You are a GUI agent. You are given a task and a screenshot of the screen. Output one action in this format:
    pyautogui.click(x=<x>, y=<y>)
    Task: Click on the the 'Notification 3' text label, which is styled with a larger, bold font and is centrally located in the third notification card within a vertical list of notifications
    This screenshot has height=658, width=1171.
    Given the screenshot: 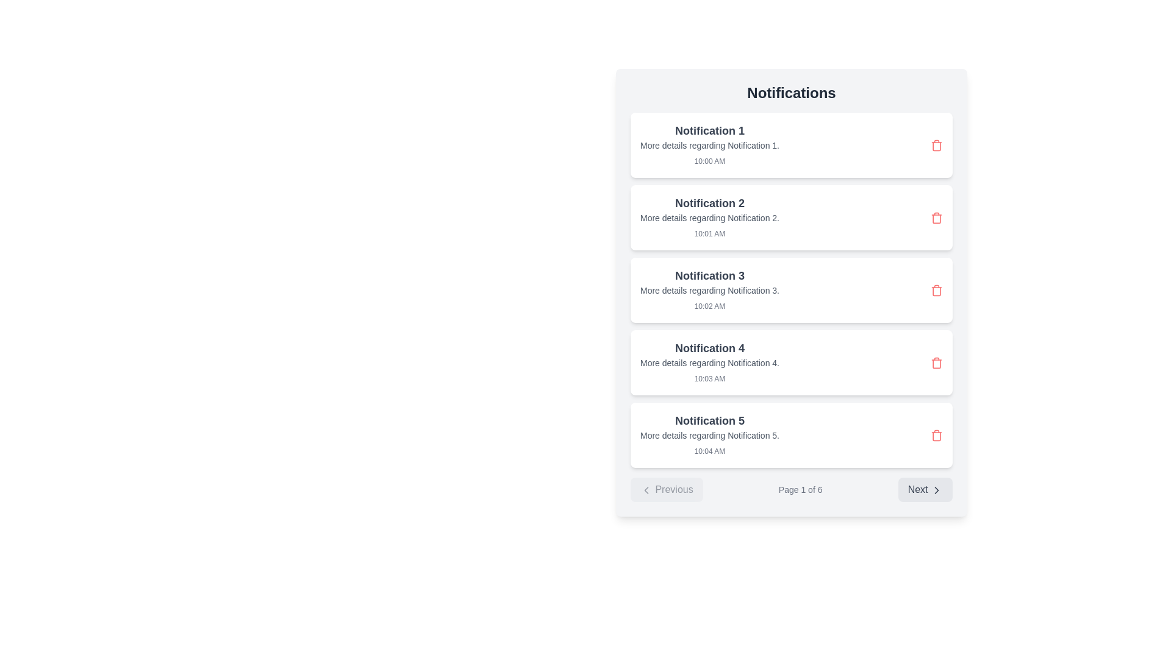 What is the action you would take?
    pyautogui.click(x=710, y=275)
    